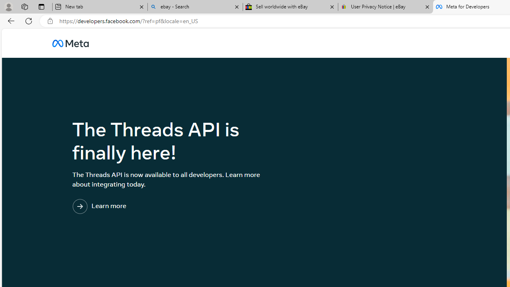  I want to click on 'AutomationID: u_0_25_3H', so click(70, 43).